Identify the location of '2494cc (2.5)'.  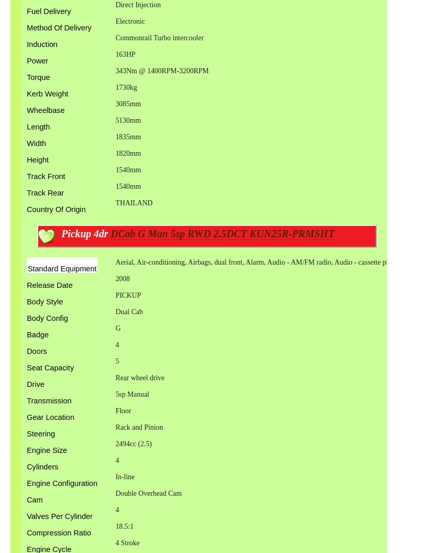
(133, 443).